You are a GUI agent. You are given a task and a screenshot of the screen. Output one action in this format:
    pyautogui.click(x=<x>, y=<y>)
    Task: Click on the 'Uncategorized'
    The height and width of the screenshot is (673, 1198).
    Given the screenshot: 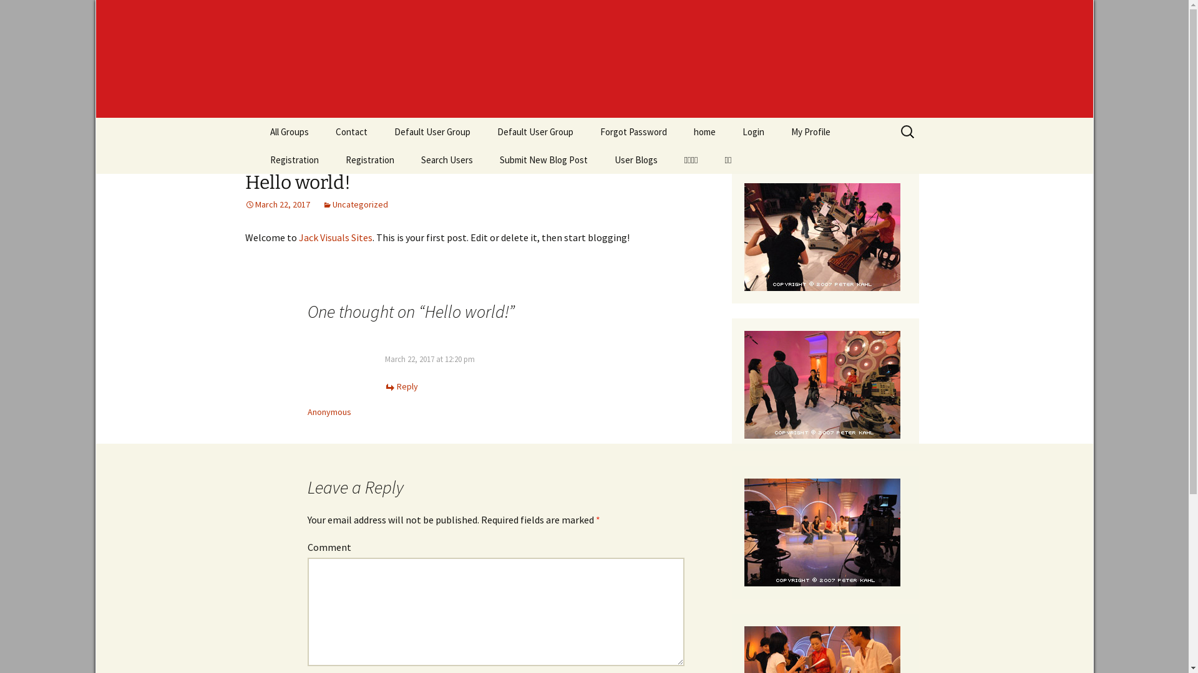 What is the action you would take?
    pyautogui.click(x=354, y=203)
    